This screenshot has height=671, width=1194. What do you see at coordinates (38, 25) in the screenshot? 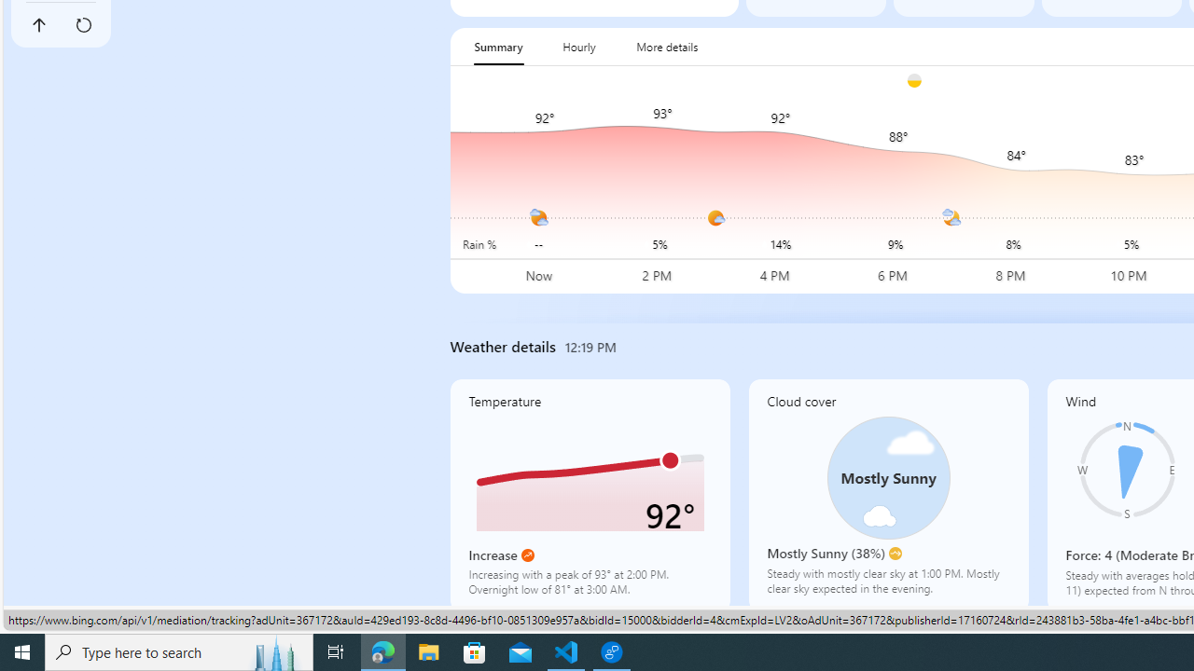
I see `'Back to top'` at bounding box center [38, 25].